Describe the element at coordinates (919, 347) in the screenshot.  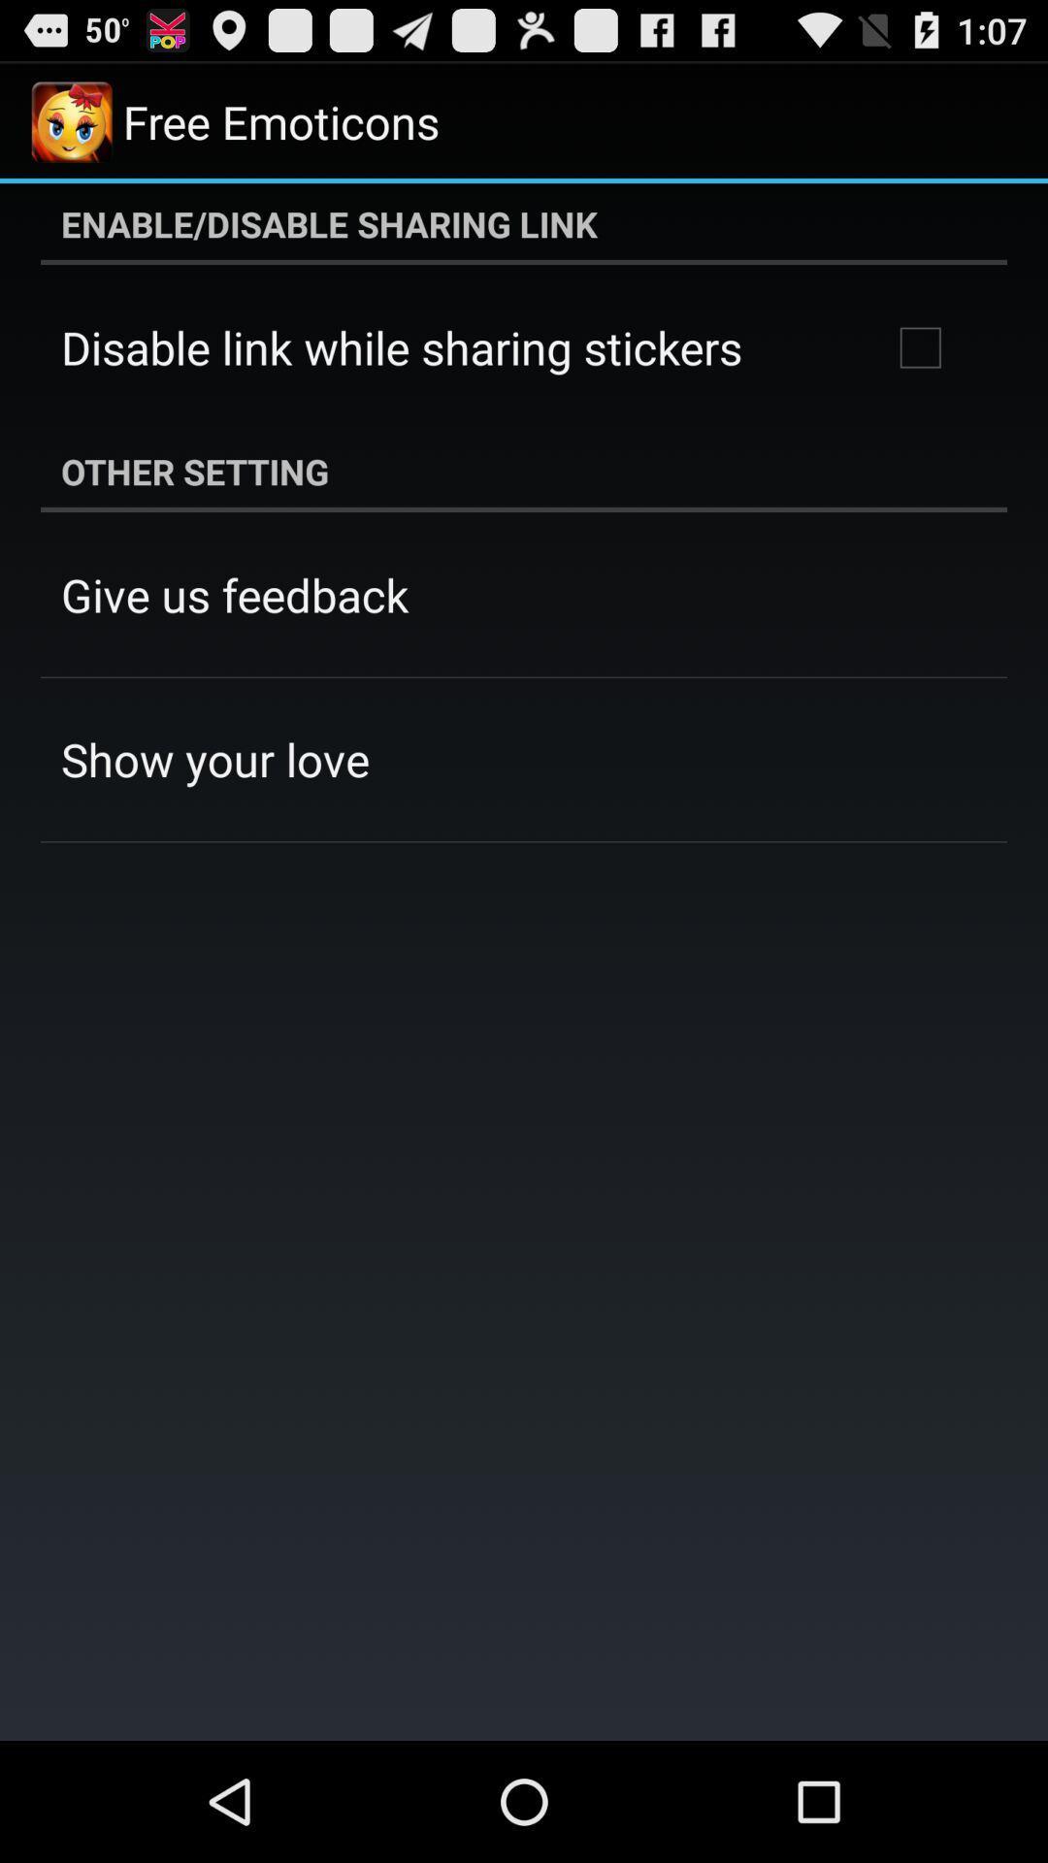
I see `the item above other setting item` at that location.